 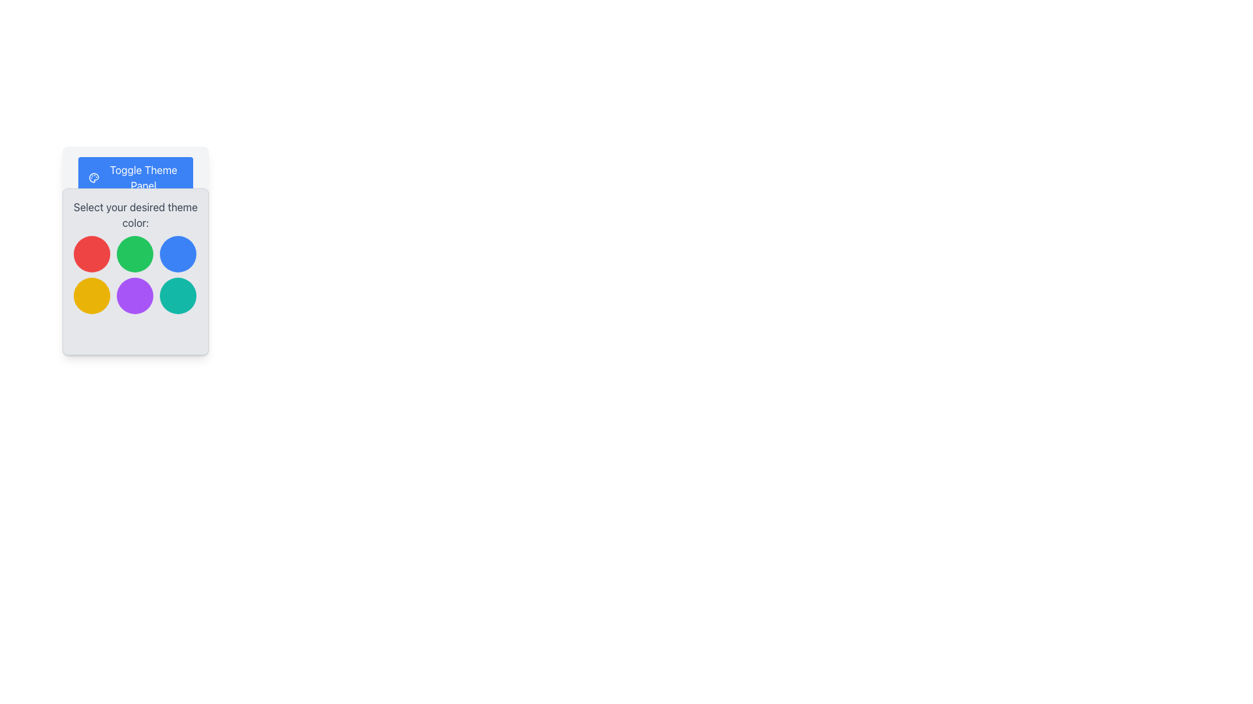 I want to click on the circular button with a purple background located in the second row and second column of the grid layout, so click(x=134, y=296).